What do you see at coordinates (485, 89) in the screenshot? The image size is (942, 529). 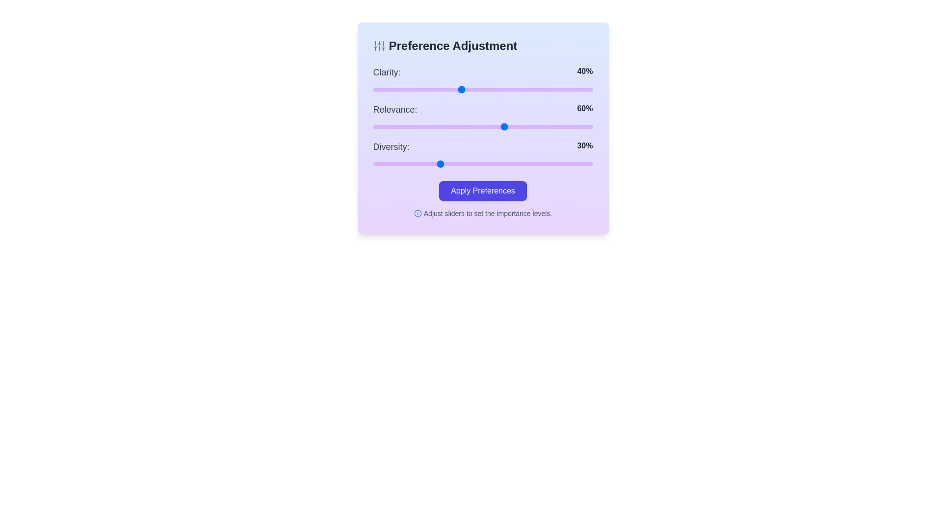 I see `the slider for 0 to 51%` at bounding box center [485, 89].